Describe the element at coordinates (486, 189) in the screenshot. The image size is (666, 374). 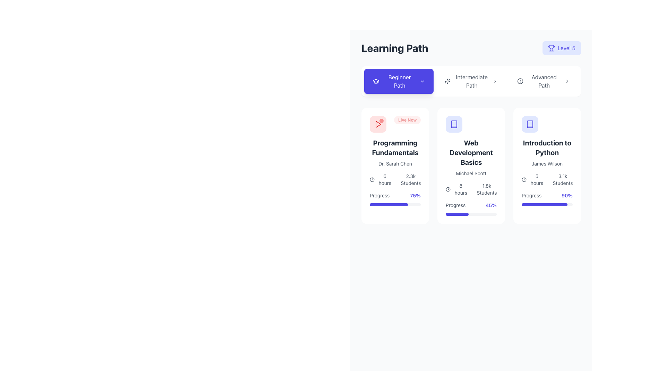
I see `the text display element that shows the count of students enrolled in the 'Web Development Basics' course, located beneath the course title in the second card of a three-card layout` at that location.